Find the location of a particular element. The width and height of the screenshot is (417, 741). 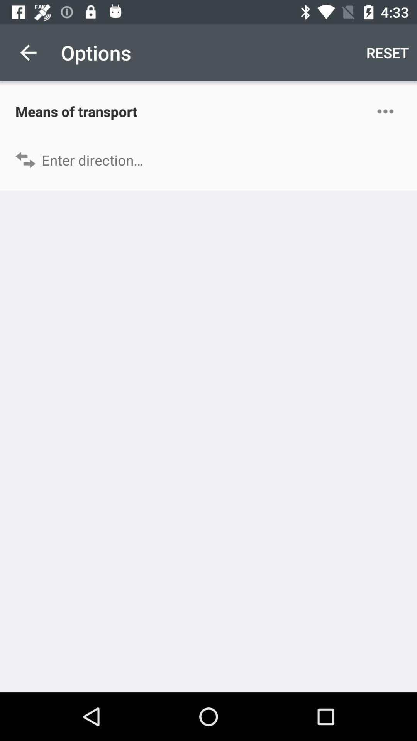

the reset item is located at coordinates (387, 52).